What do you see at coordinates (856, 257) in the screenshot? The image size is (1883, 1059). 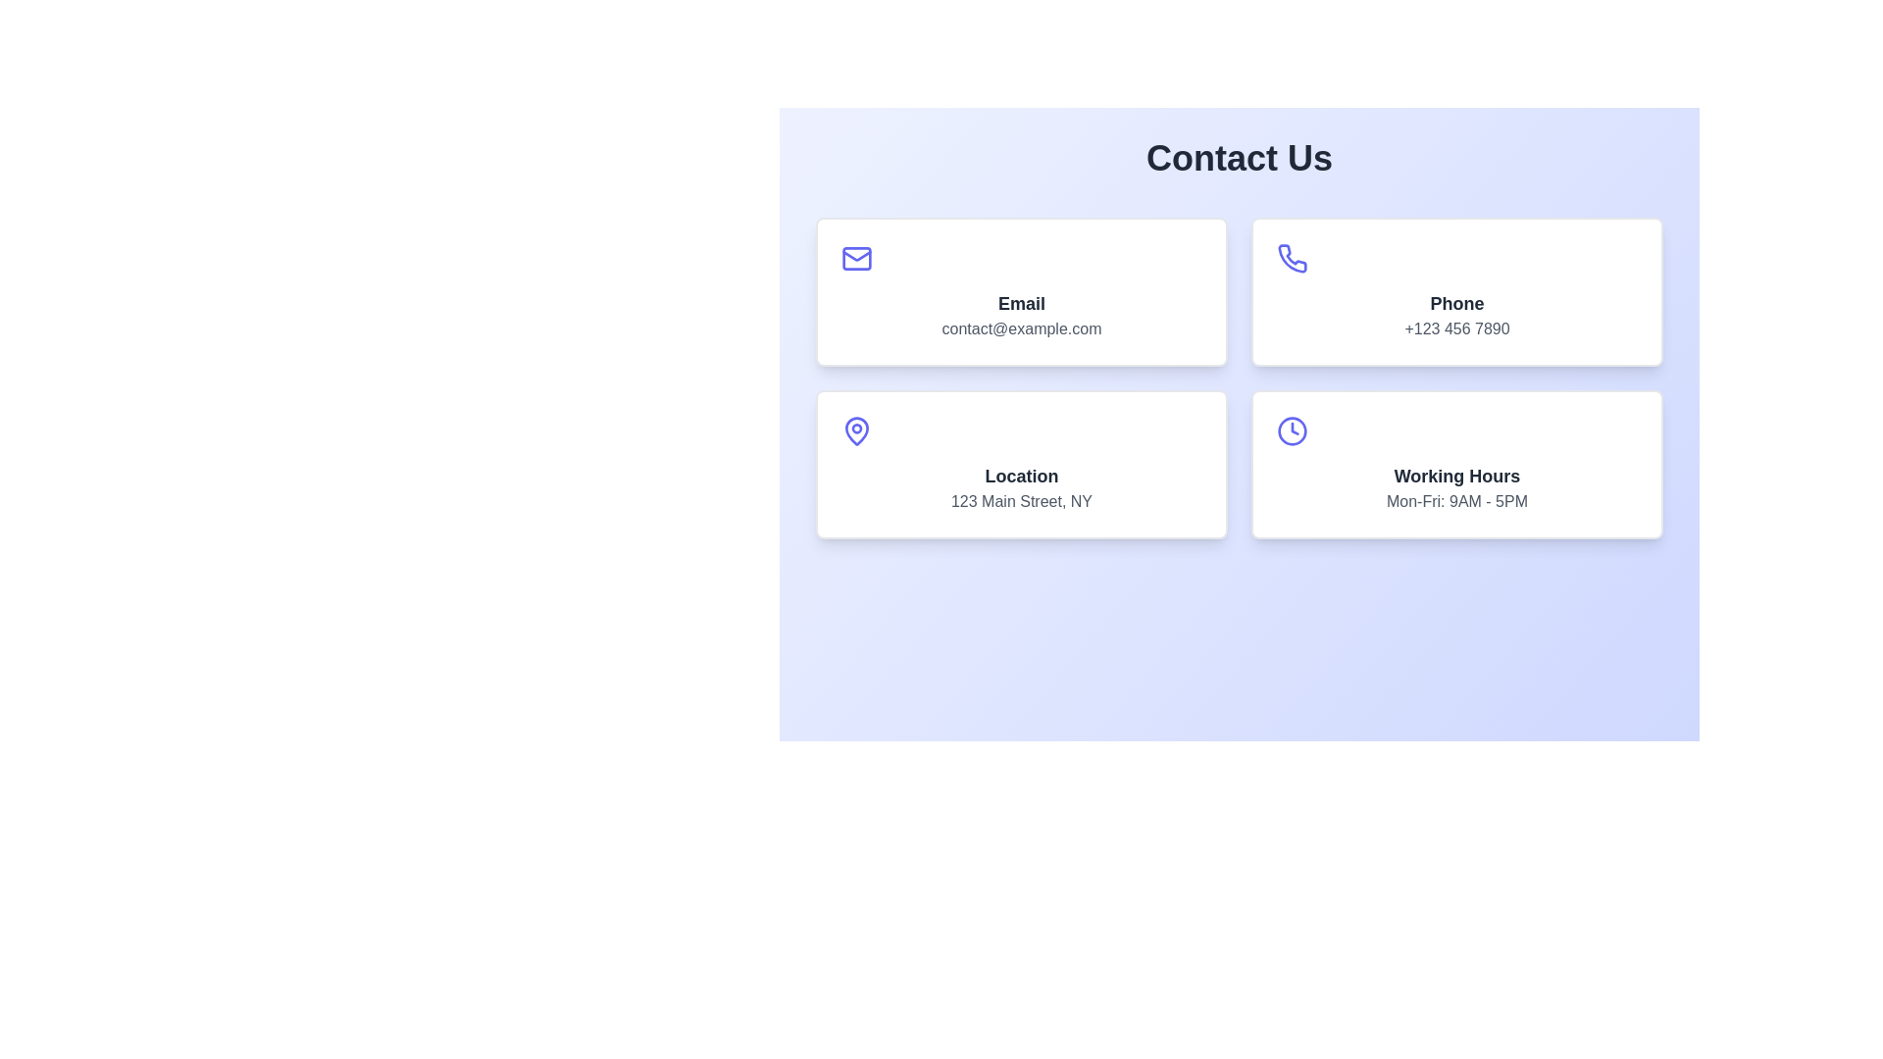 I see `the small, stylized envelope icon located within the 'Email' card interface in the top-left quadrant of the layout` at bounding box center [856, 257].